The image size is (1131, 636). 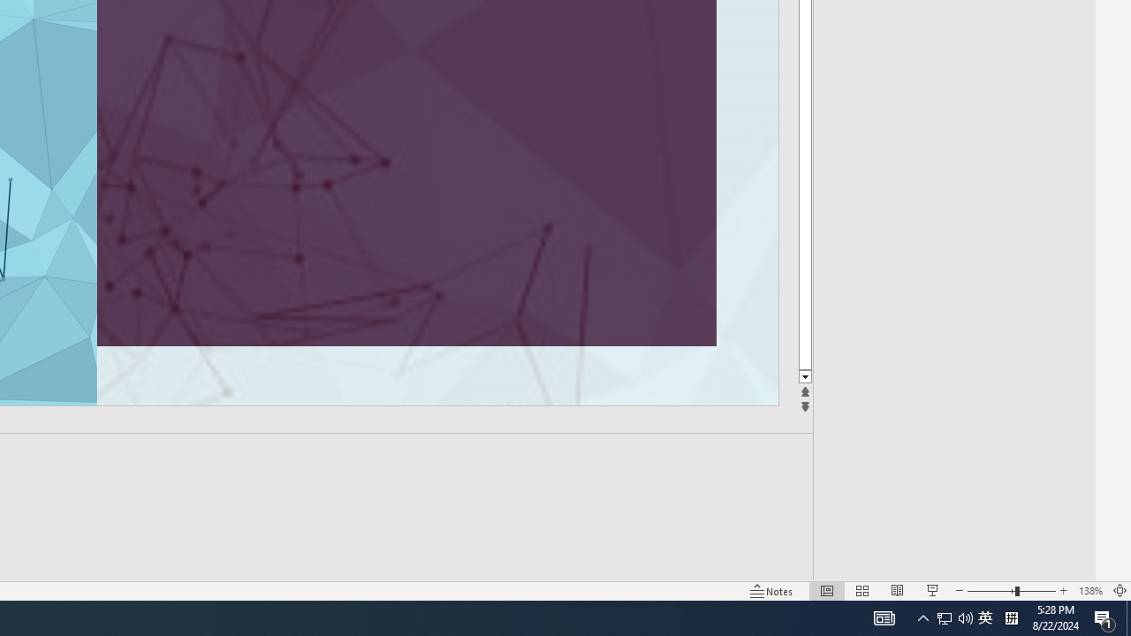 I want to click on 'Zoom to Fit ', so click(x=1119, y=591).